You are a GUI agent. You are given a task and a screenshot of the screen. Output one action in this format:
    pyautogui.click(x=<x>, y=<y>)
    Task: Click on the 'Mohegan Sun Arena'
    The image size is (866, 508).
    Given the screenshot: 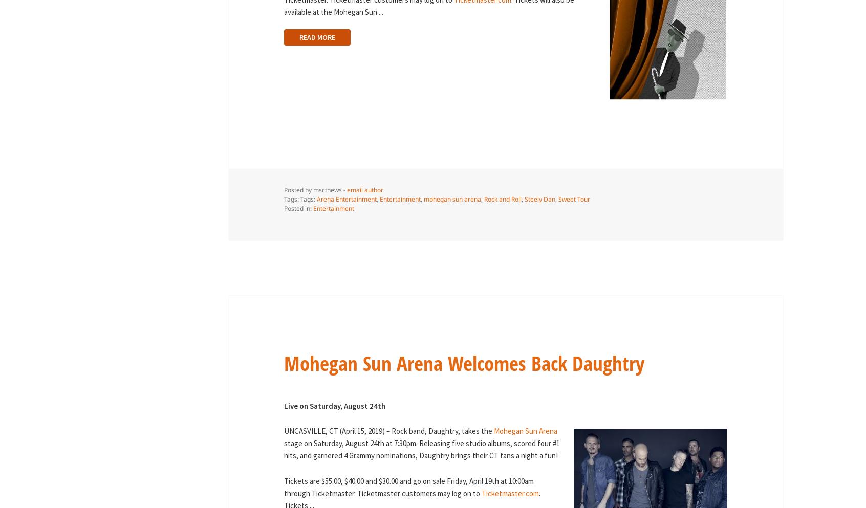 What is the action you would take?
    pyautogui.click(x=493, y=430)
    